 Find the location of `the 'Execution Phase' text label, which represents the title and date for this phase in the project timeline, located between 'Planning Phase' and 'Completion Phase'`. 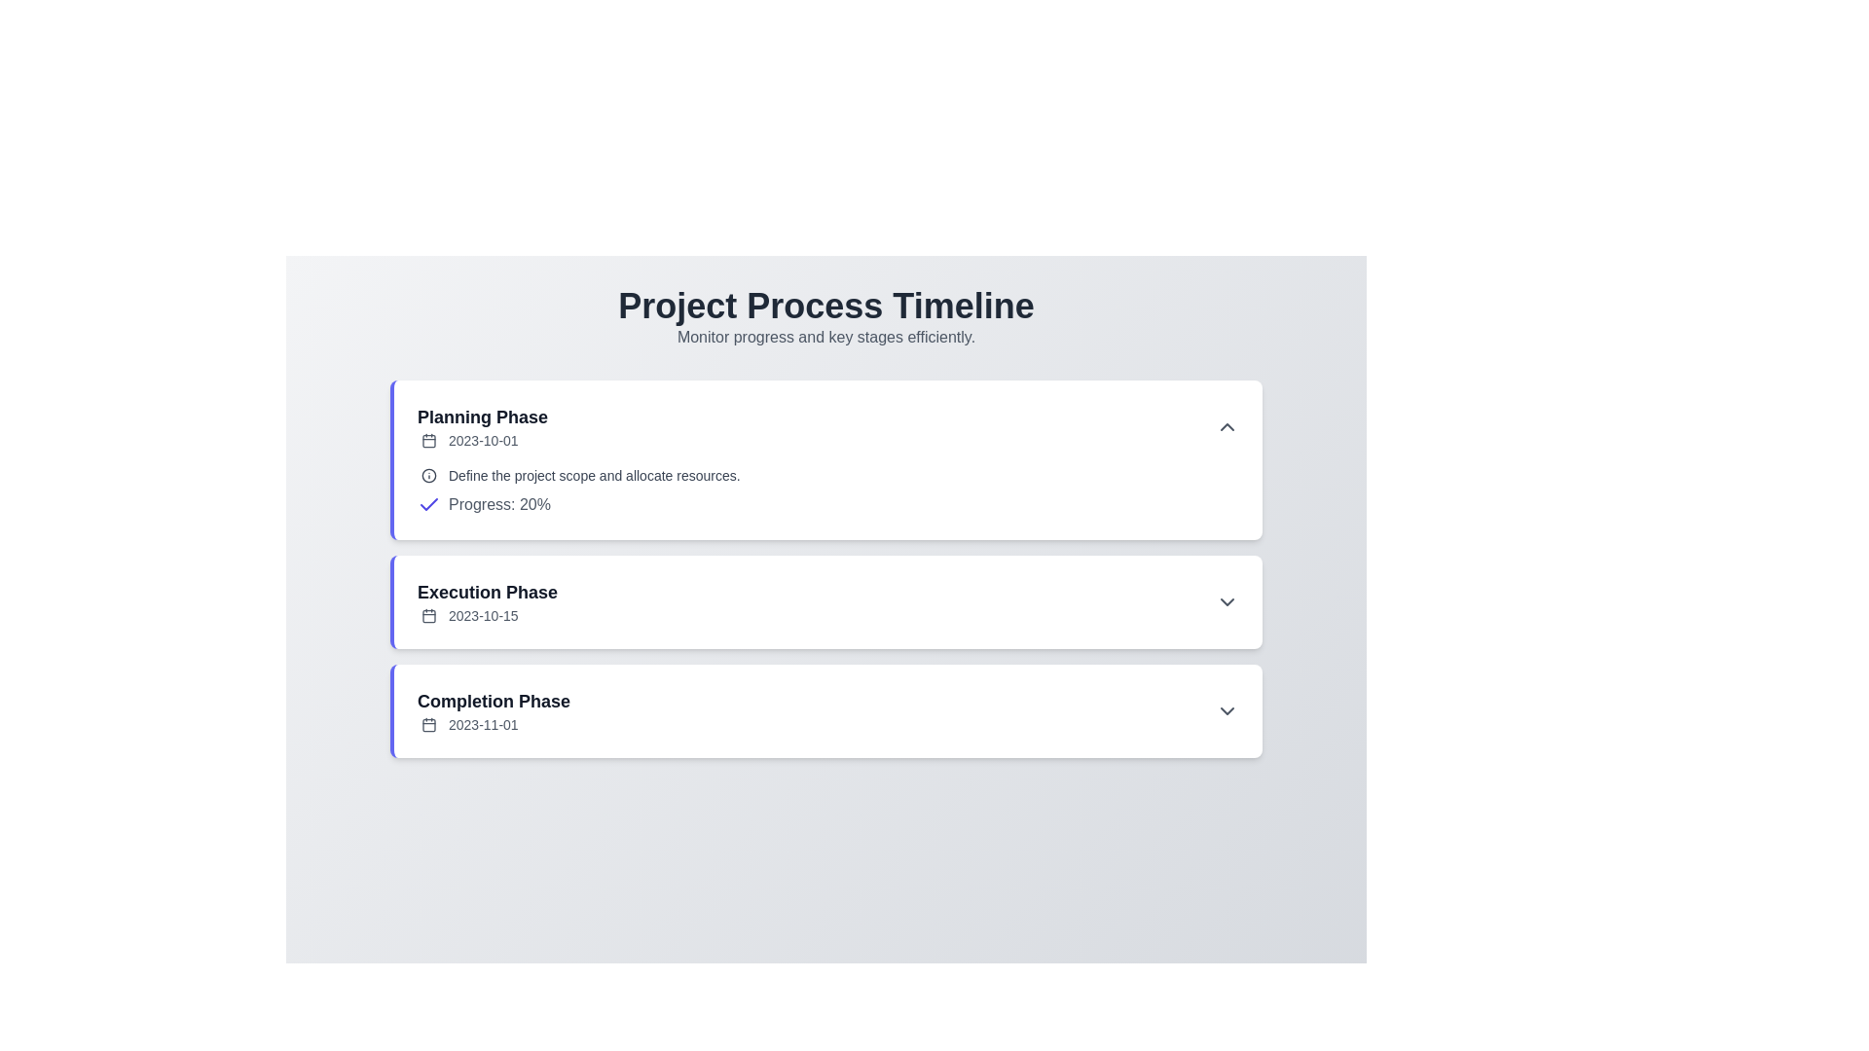

the 'Execution Phase' text label, which represents the title and date for this phase in the project timeline, located between 'Planning Phase' and 'Completion Phase' is located at coordinates (488, 600).